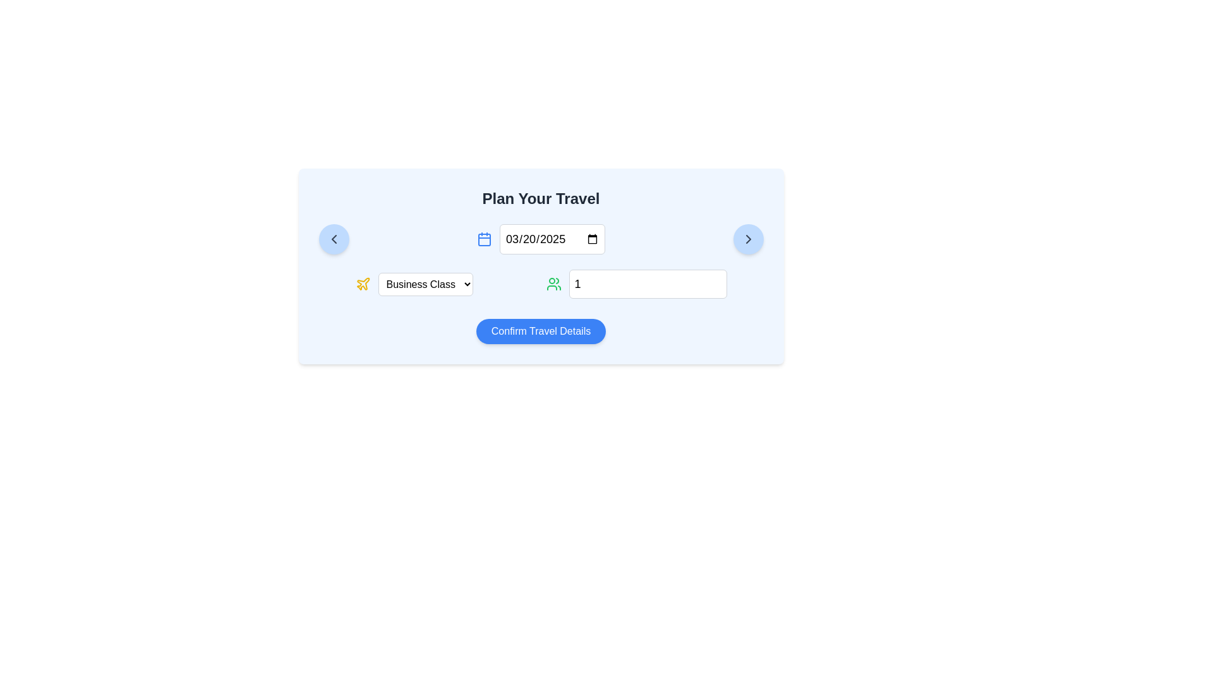 The image size is (1213, 682). Describe the element at coordinates (334, 239) in the screenshot. I see `the left-pointing chevron arrow icon located at the left side of the horizontal layout group` at that location.